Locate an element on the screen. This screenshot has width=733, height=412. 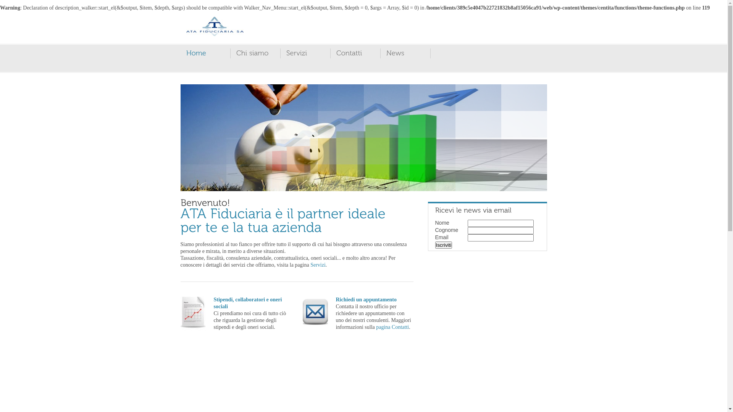
'Servizi' is located at coordinates (318, 264).